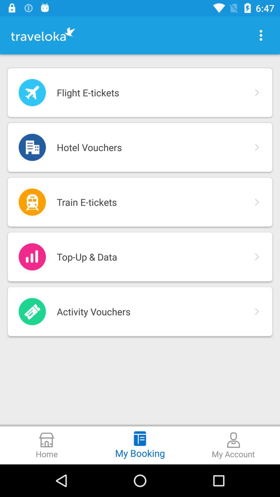  I want to click on open menu options, so click(261, 35).